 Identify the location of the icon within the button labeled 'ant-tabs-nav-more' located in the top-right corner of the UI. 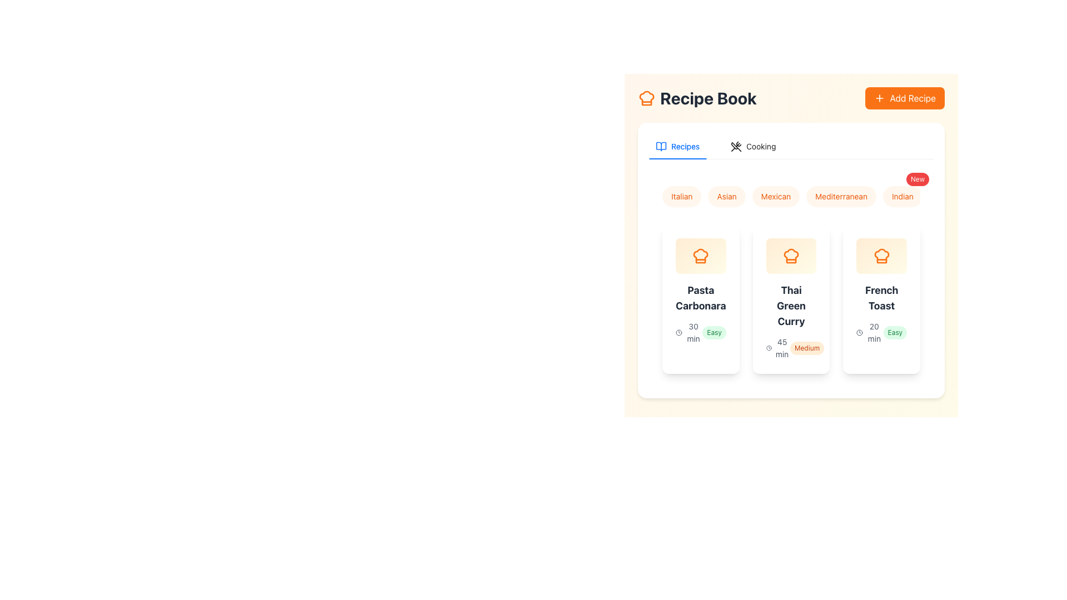
(661, 143).